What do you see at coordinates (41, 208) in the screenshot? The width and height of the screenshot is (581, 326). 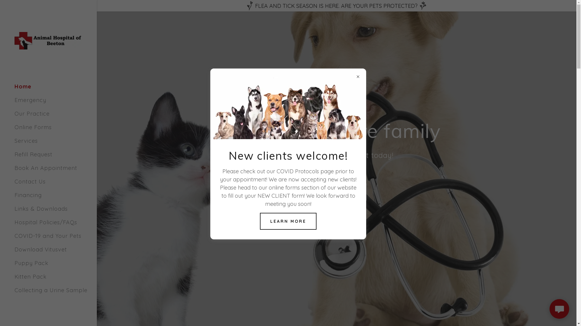 I see `'Links & Downloads'` at bounding box center [41, 208].